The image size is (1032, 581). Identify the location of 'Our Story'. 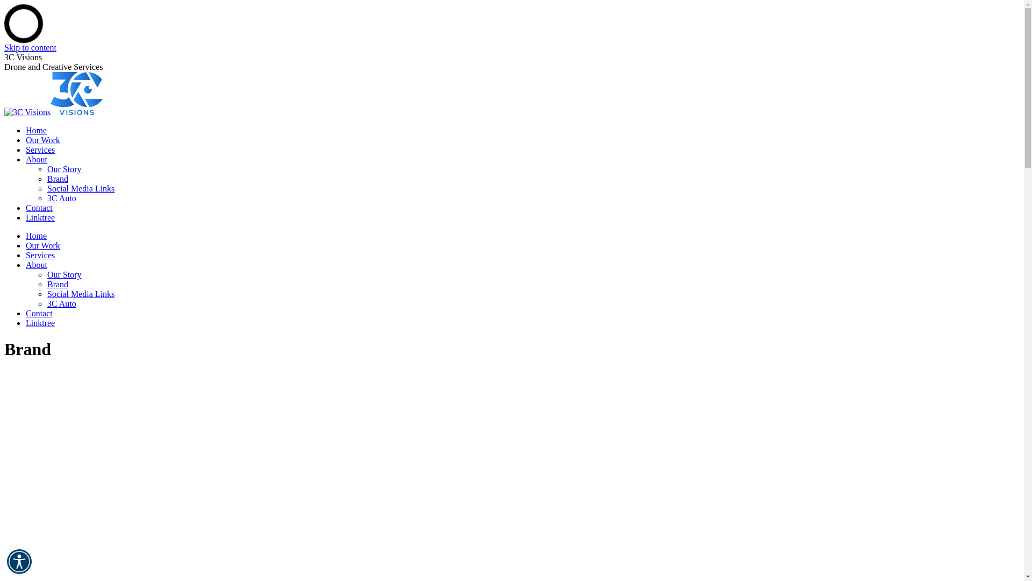
(46, 169).